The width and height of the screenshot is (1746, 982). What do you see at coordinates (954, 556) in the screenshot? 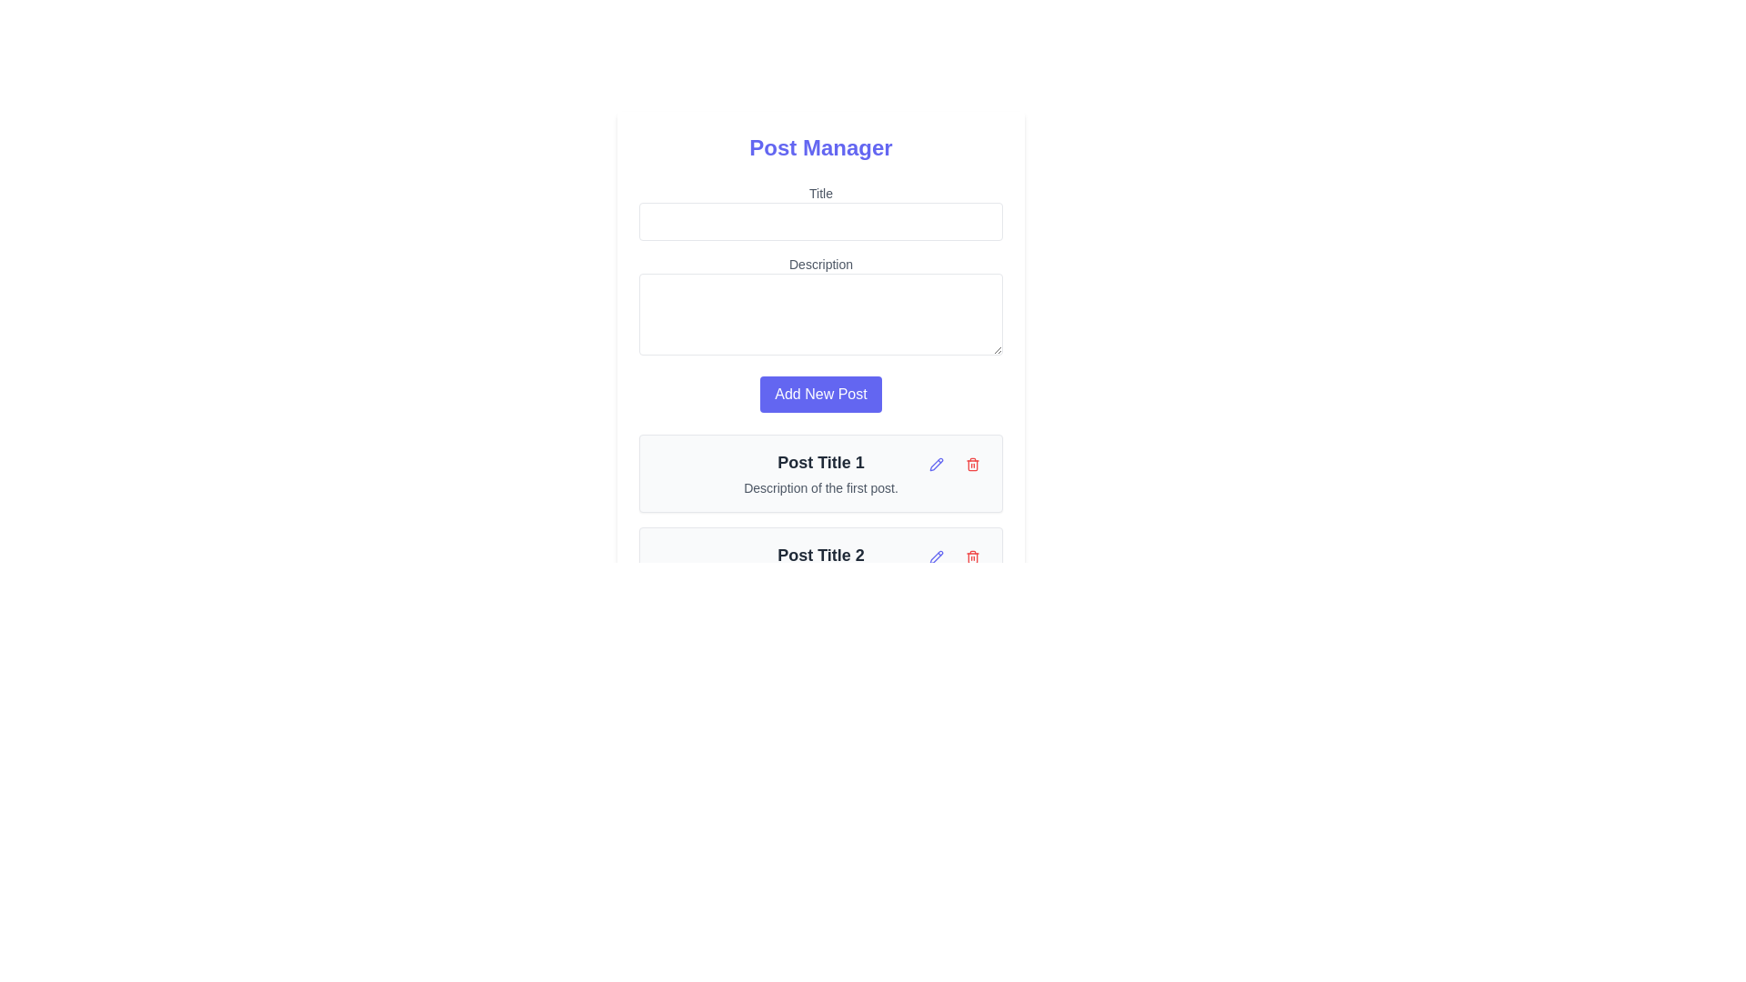
I see `the red trash icon in the horizontal icon group located at the top-right corner of the card labeled 'Post Title 2'` at bounding box center [954, 556].